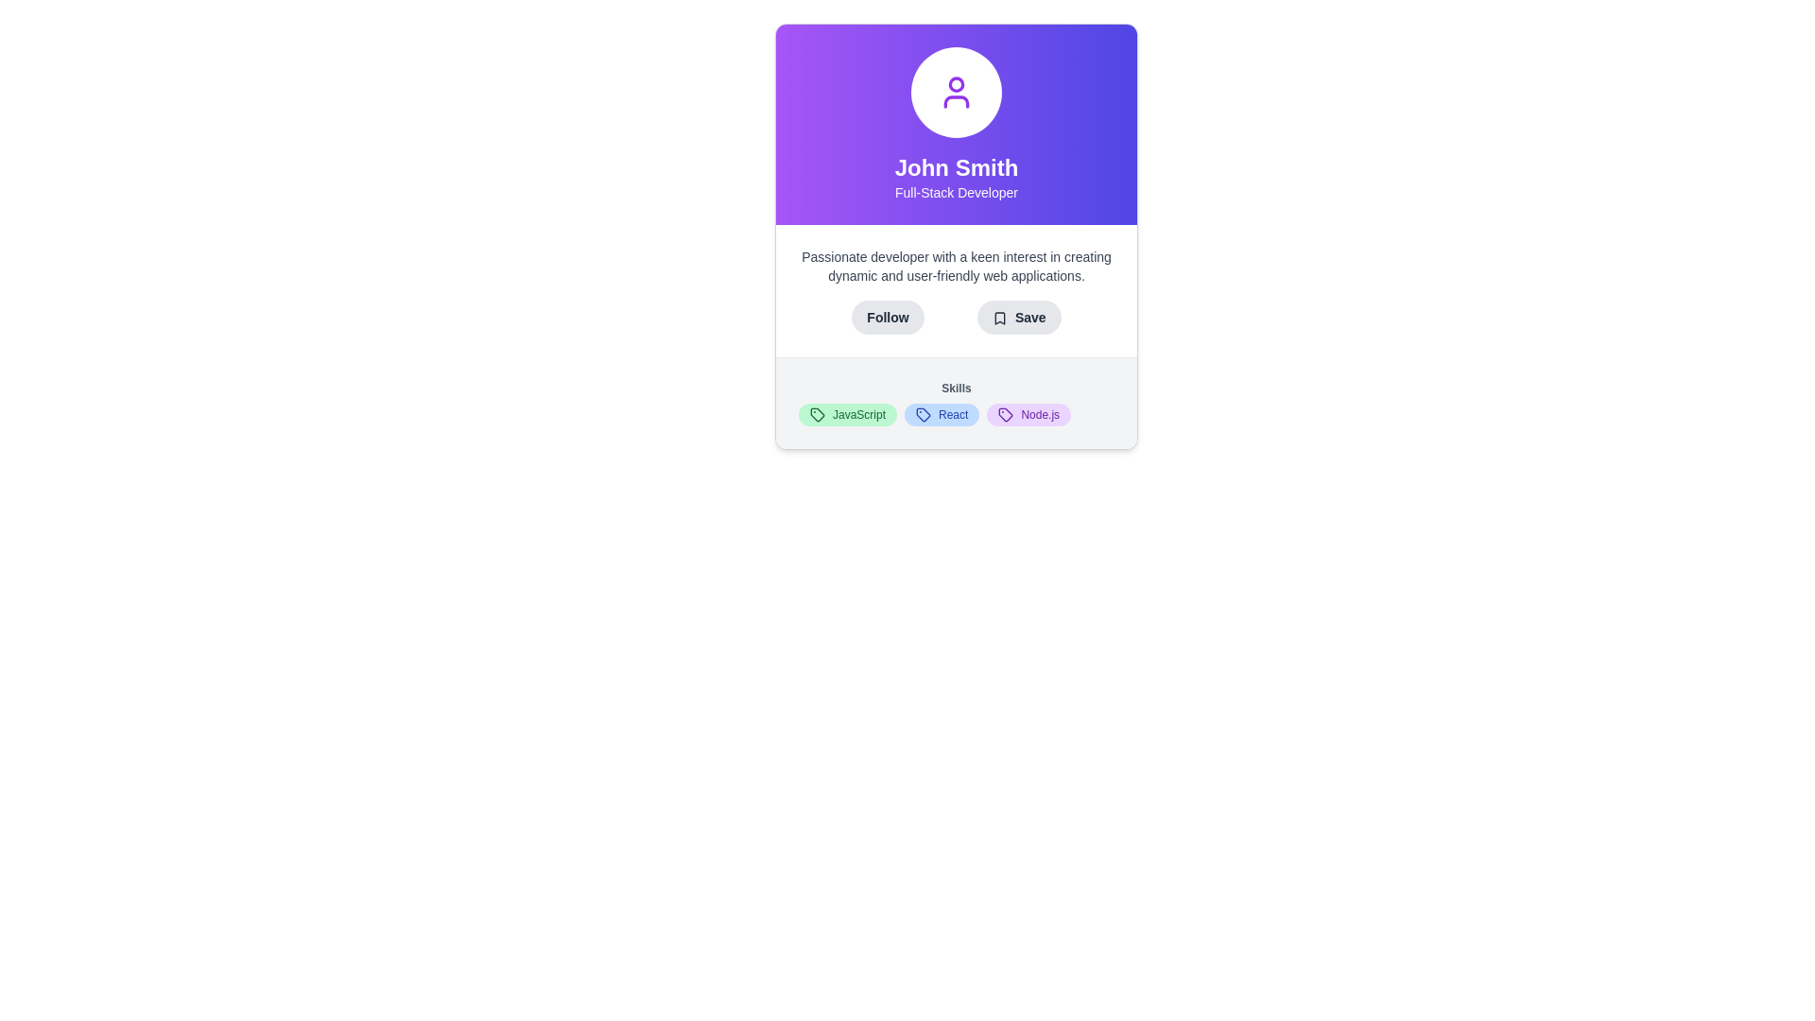 The height and width of the screenshot is (1021, 1815). I want to click on the visual representation of the decorative tagging icon located in the center-left portion of the skills labels under the 'Skills' section of the profile card, so click(1005, 414).